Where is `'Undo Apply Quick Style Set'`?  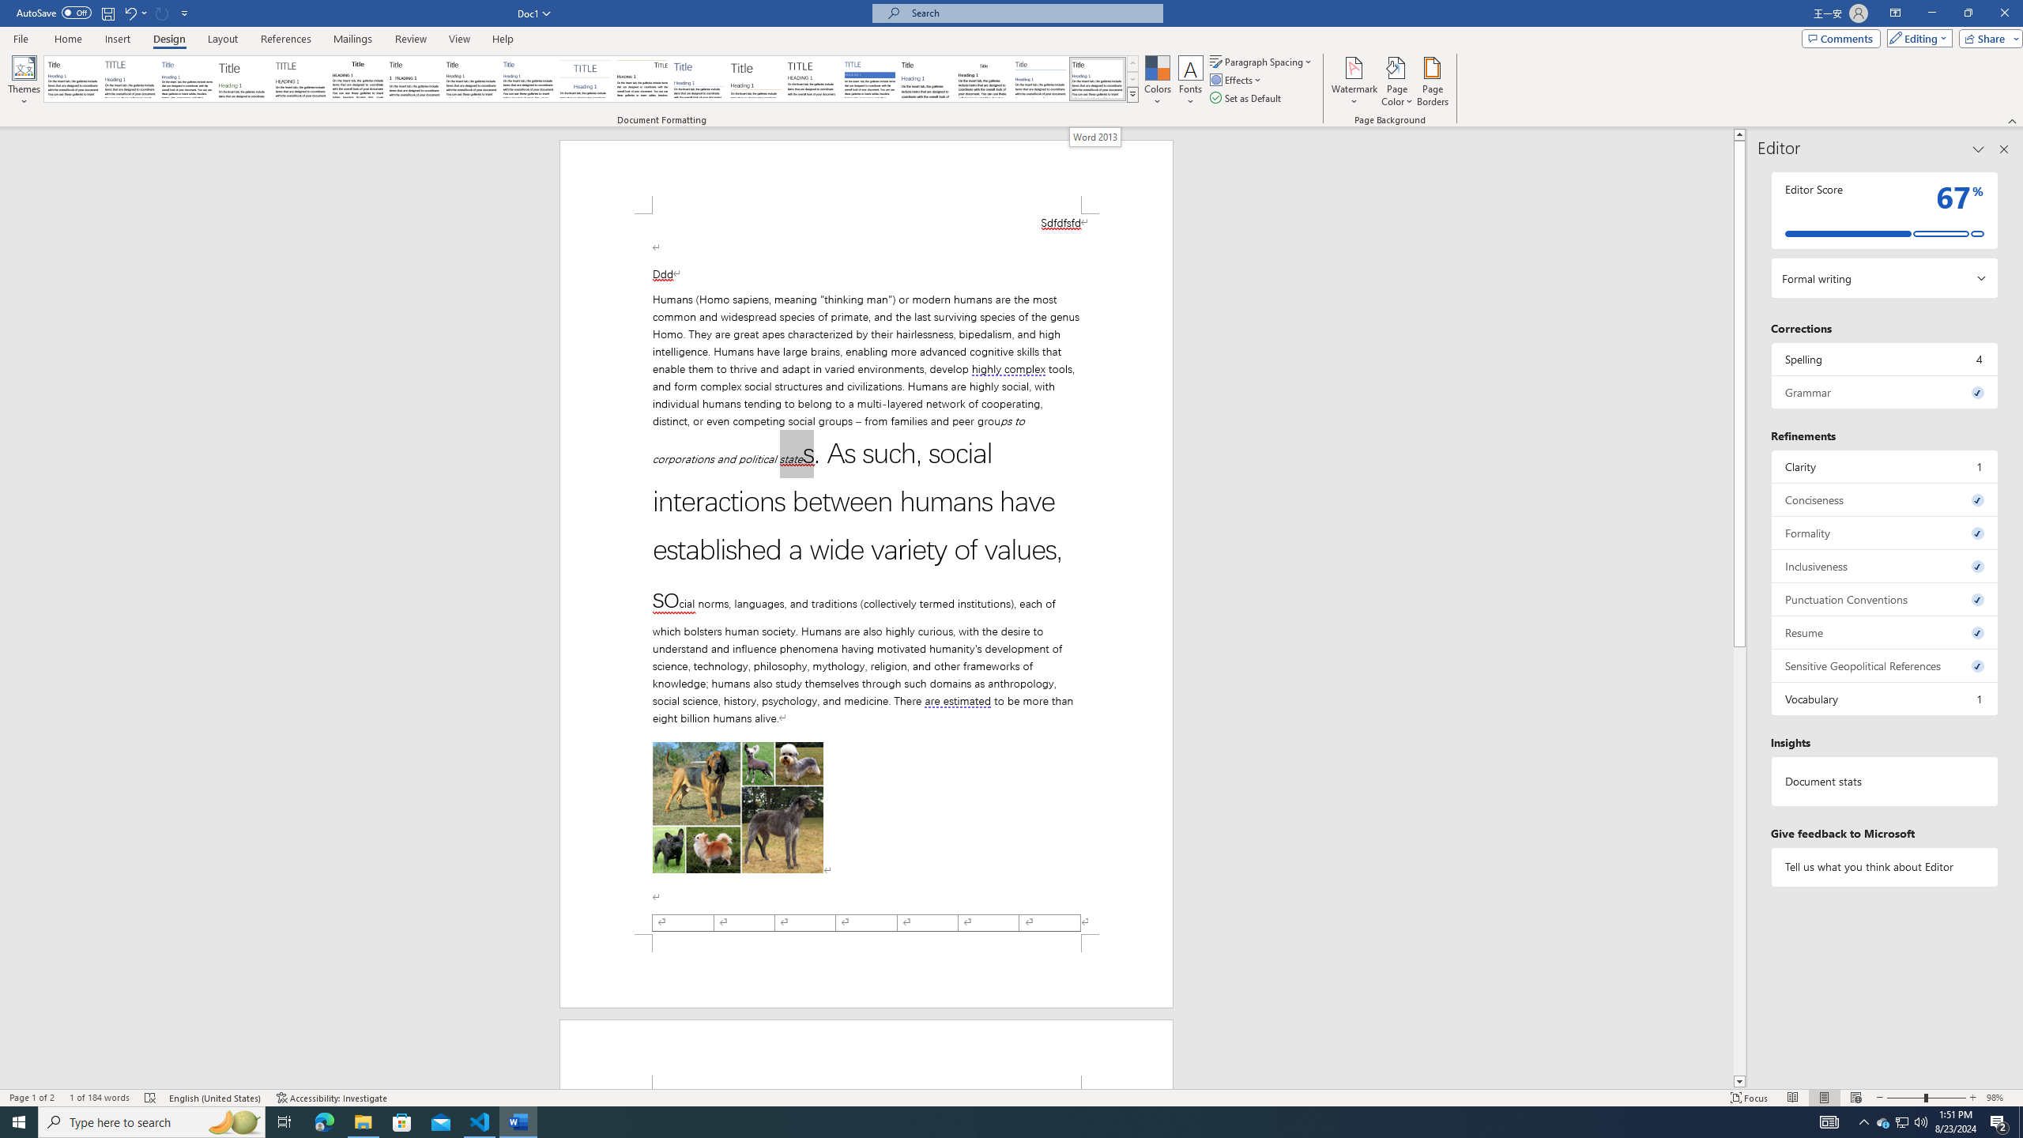 'Undo Apply Quick Style Set' is located at coordinates (129, 12).